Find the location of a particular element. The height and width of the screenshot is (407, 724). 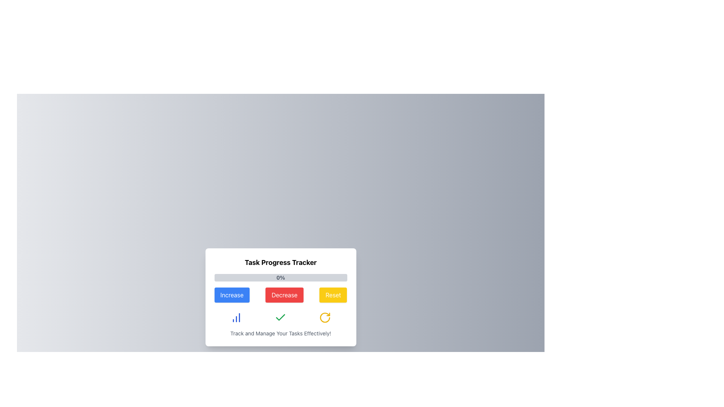

the 'Decrease' button, which has a red background and is located between the 'Increase' and 'Reset' buttons is located at coordinates (284, 295).